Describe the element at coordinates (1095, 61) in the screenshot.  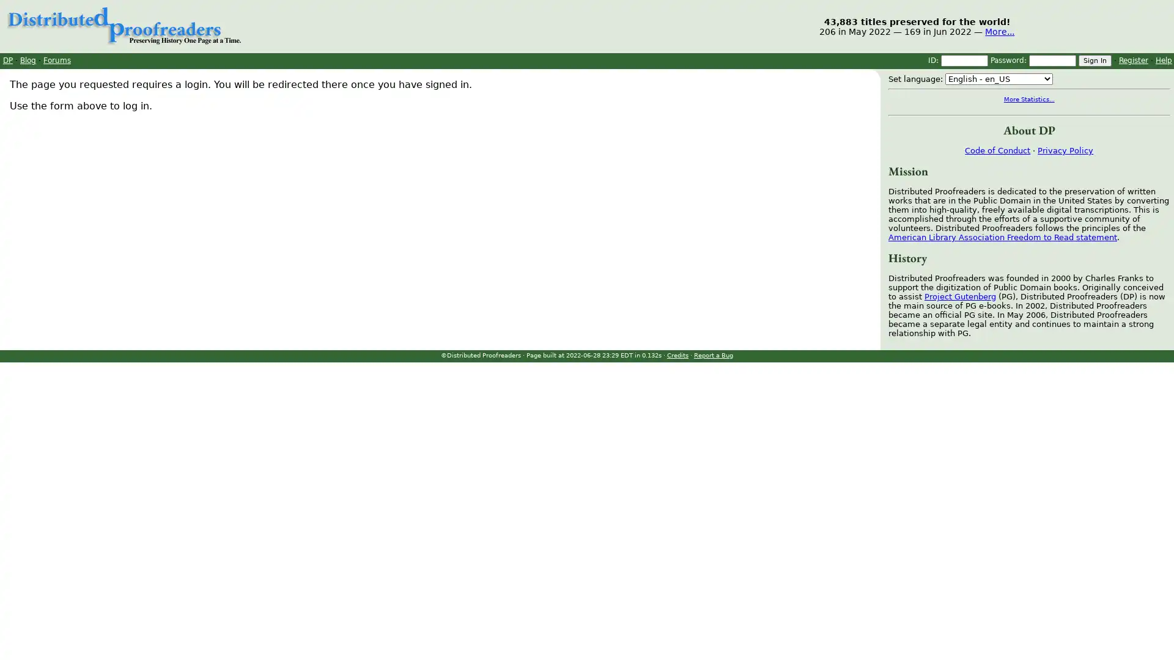
I see `Sign In` at that location.